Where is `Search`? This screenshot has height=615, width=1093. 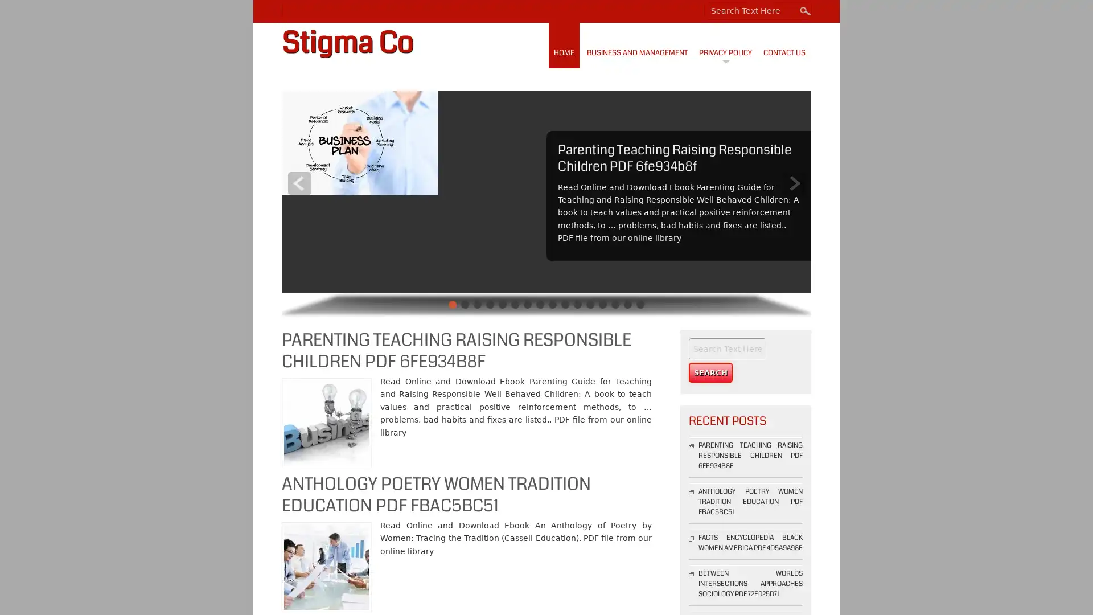
Search is located at coordinates (710, 372).